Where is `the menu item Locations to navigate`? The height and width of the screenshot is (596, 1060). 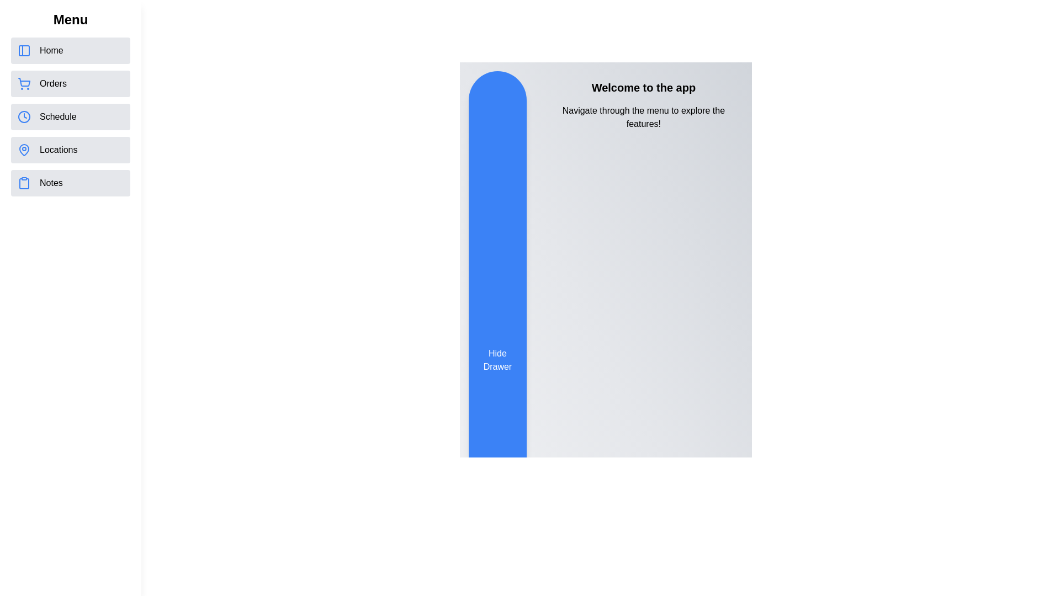
the menu item Locations to navigate is located at coordinates (70, 150).